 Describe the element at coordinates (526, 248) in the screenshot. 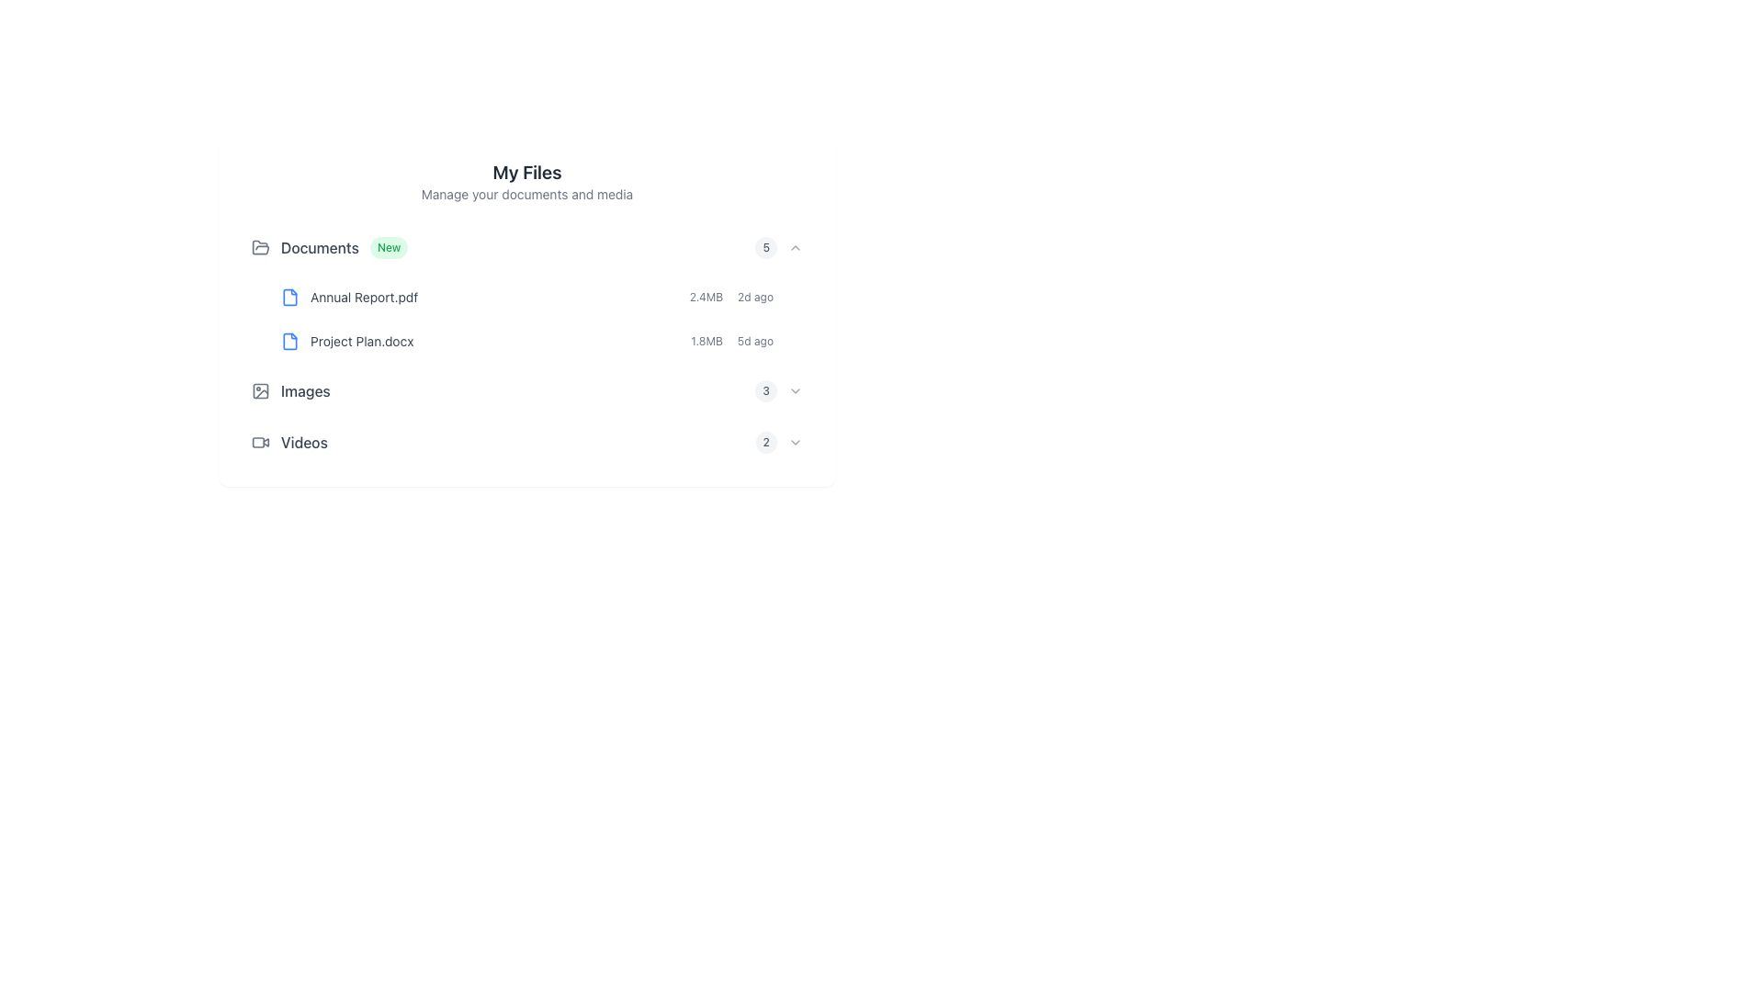

I see `the 'Documents' folder row item located at the topmost row under 'My Files'` at that location.